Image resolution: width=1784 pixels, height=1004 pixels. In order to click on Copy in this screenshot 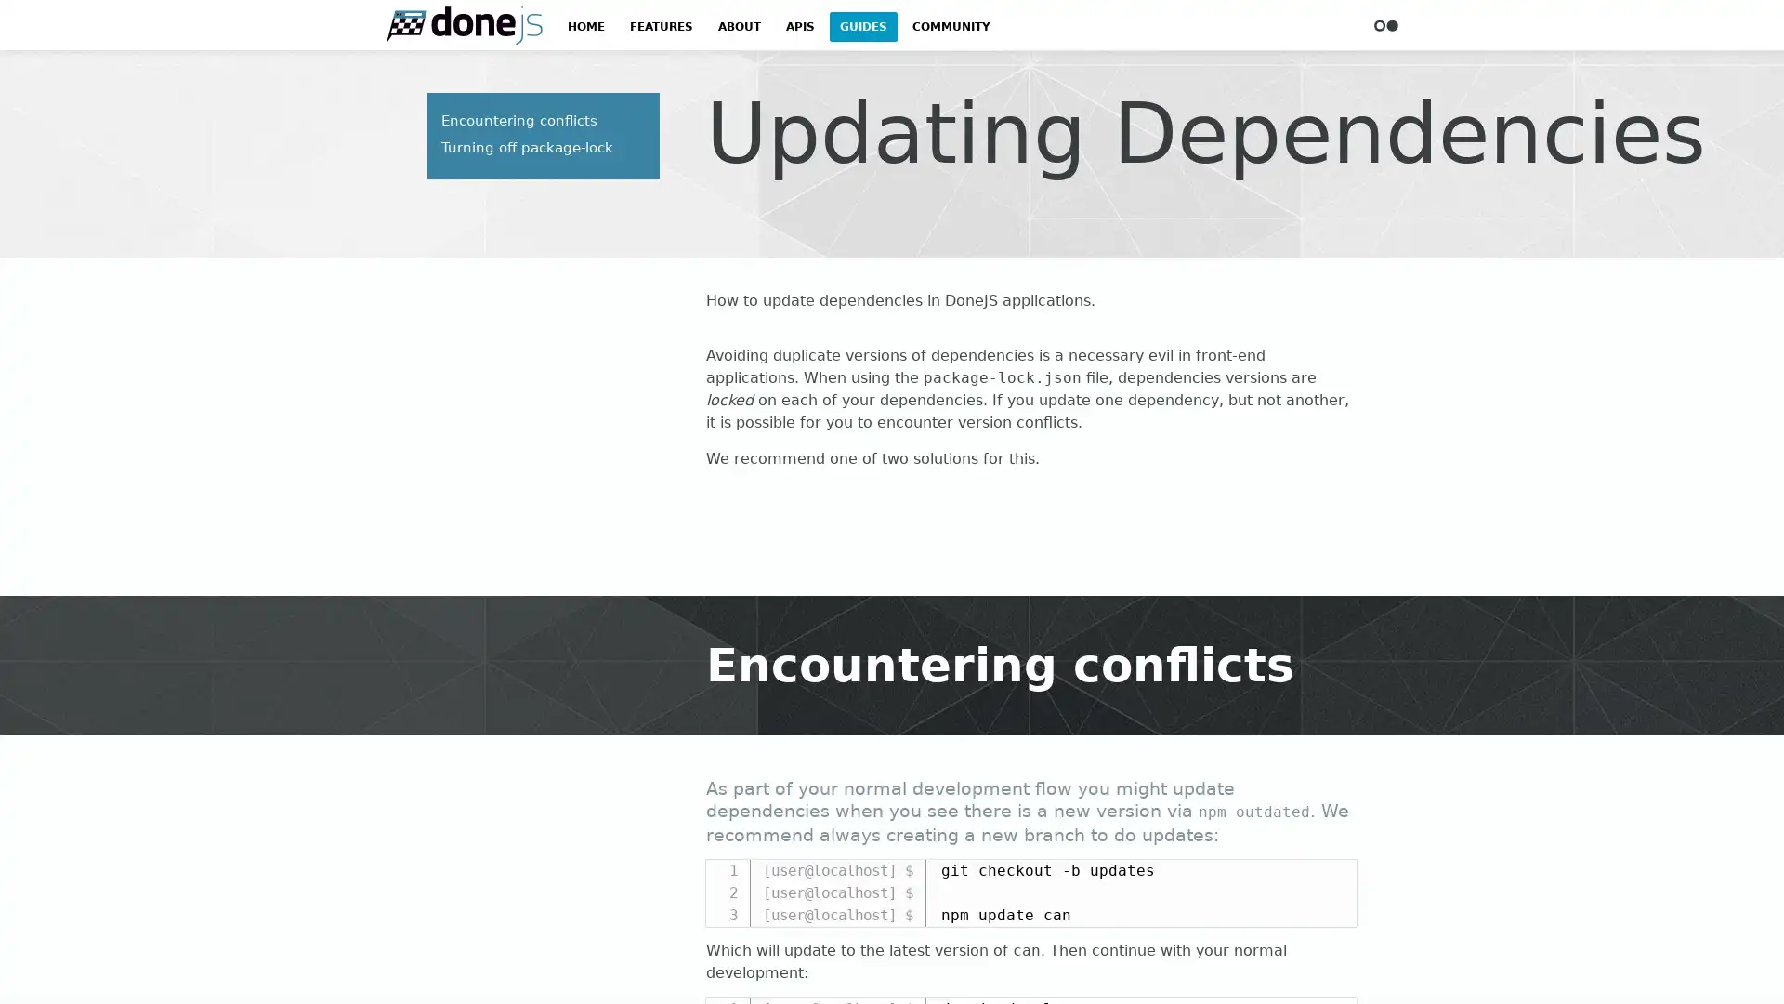, I will do `click(1333, 873)`.